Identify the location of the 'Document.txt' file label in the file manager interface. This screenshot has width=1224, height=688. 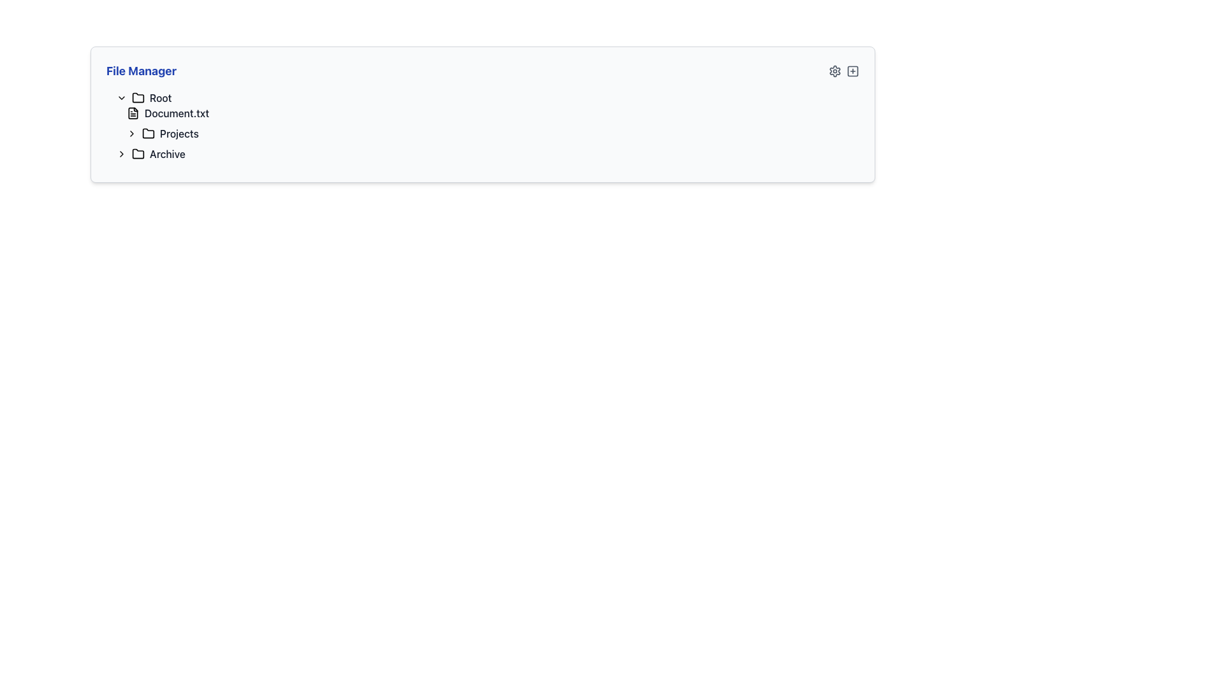
(176, 112).